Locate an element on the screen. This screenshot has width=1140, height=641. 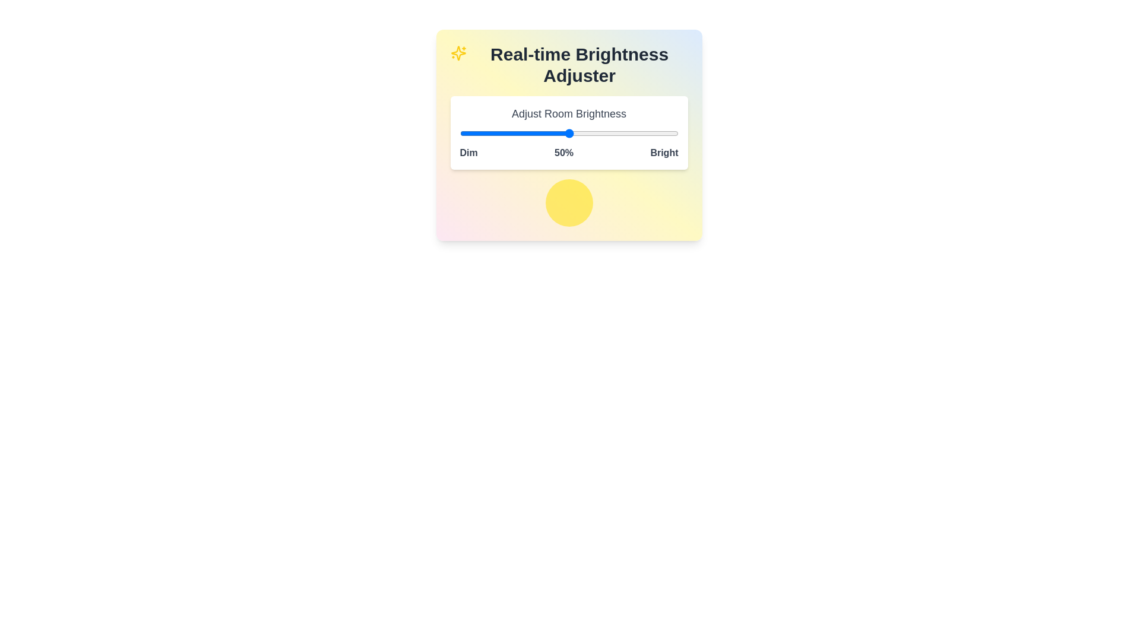
the brightness slider to set the brightness level to 22% is located at coordinates (508, 133).